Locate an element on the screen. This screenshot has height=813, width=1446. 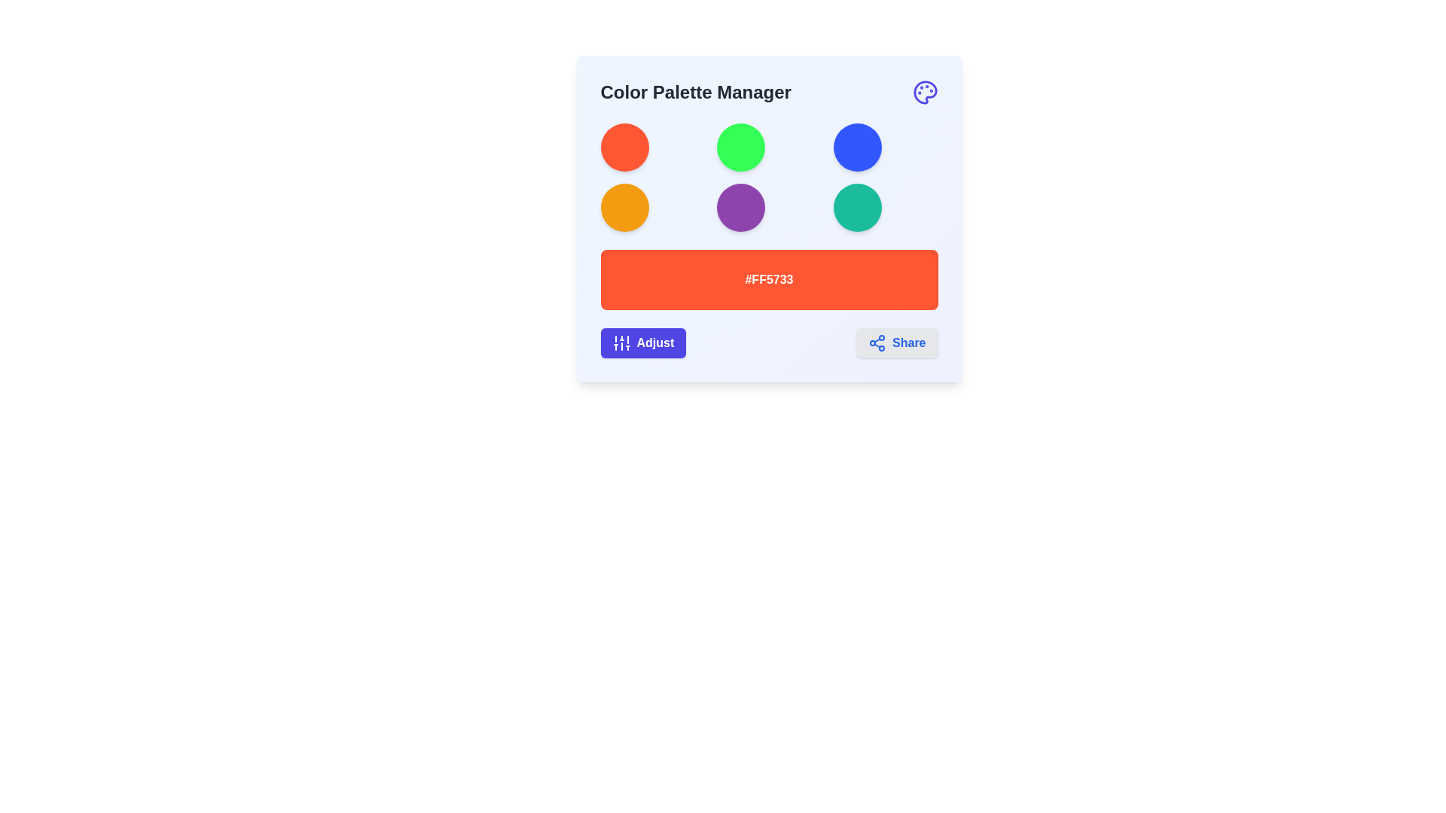
the sharing icon, which is part of the 'Share' button located in the bottom-right control panel of the interface is located at coordinates (877, 343).